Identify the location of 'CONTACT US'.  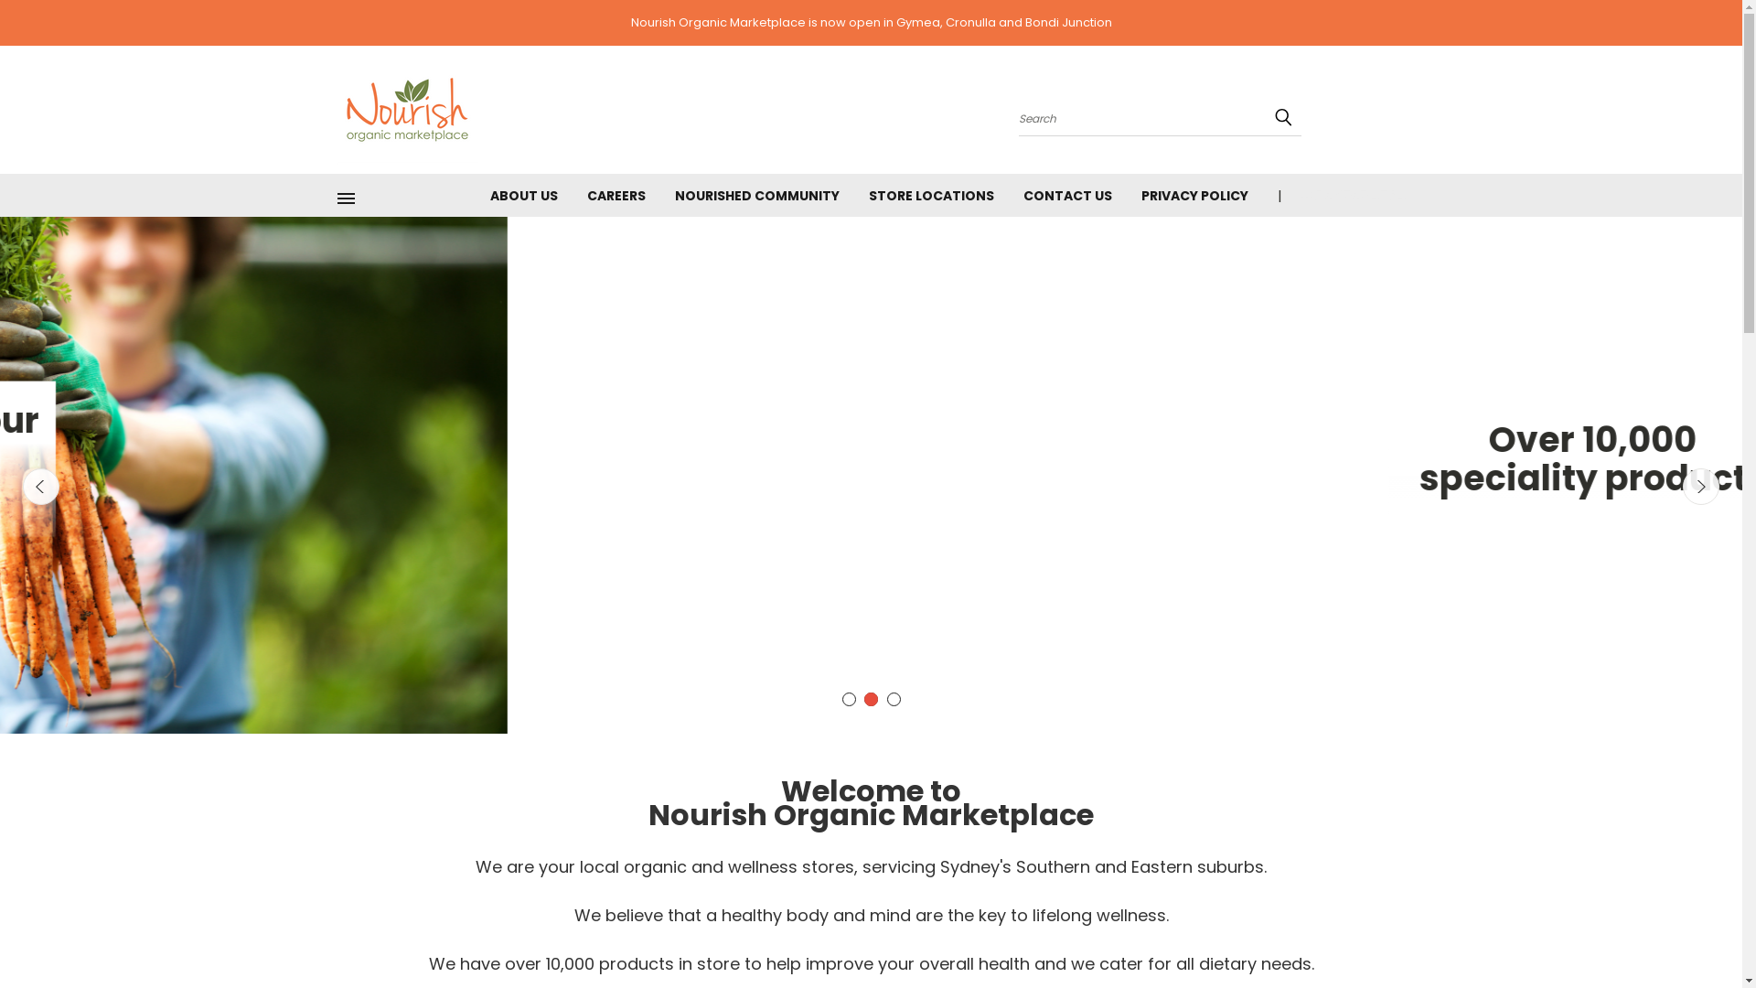
(1066, 194).